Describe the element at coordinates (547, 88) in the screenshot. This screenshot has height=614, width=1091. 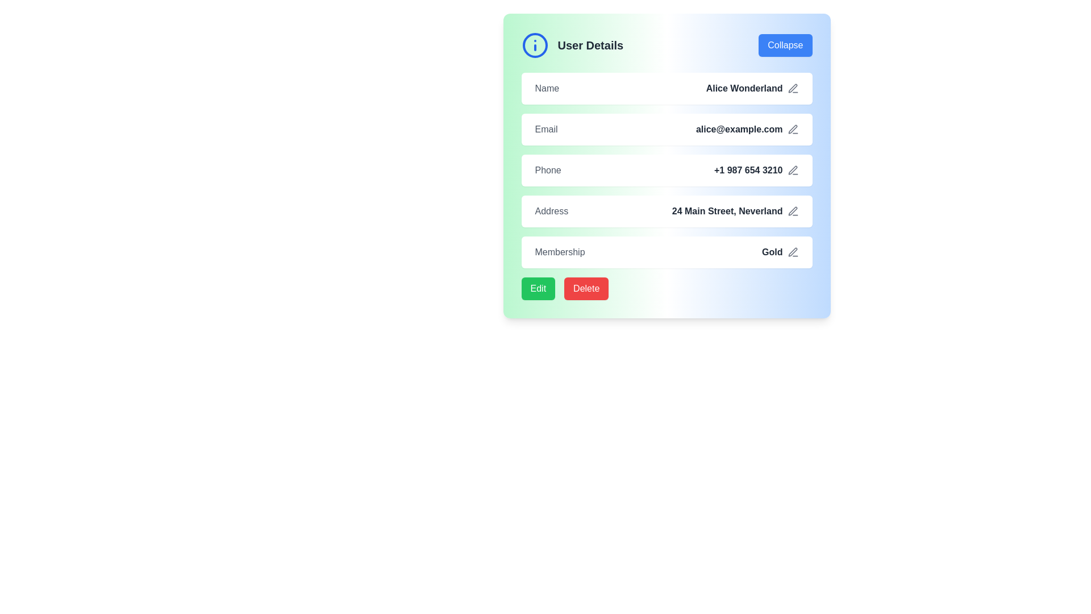
I see `the text label that identifies the user's name, which is adjacent to 'Alice Wonderland' in the 'User Details' section` at that location.